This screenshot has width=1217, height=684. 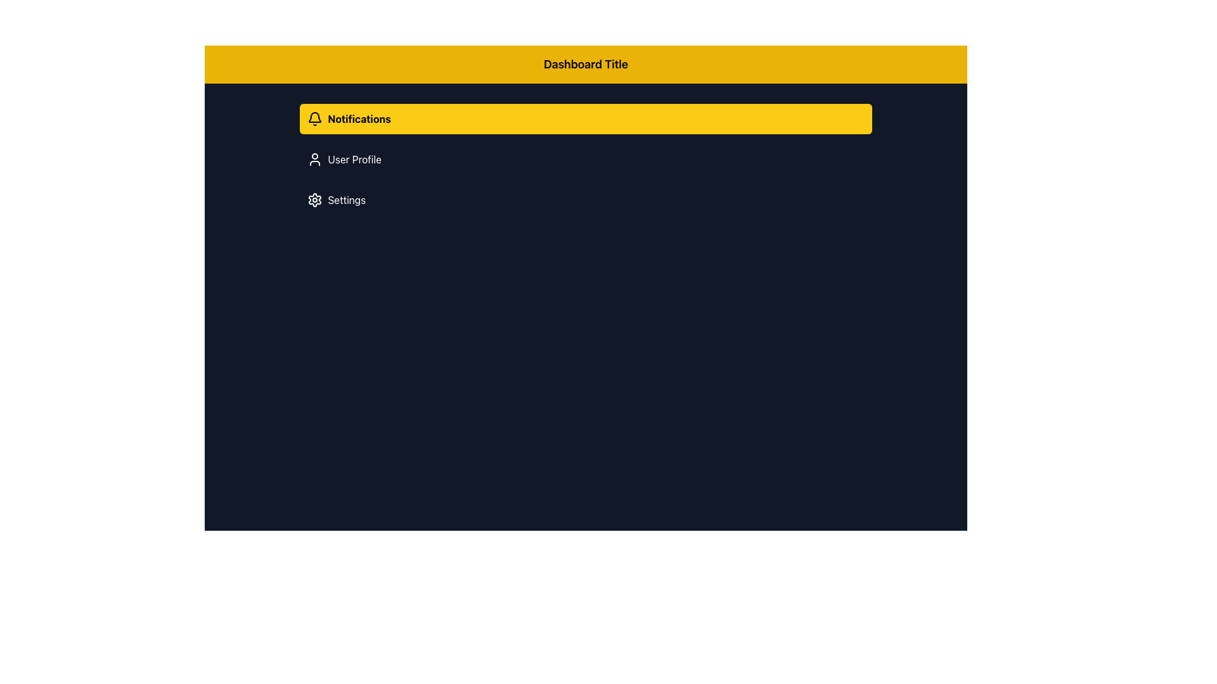 I want to click on the notifications icon located to the left of the 'Notifications' button, which is part of the navigational elements with a yellow background, so click(x=315, y=119).